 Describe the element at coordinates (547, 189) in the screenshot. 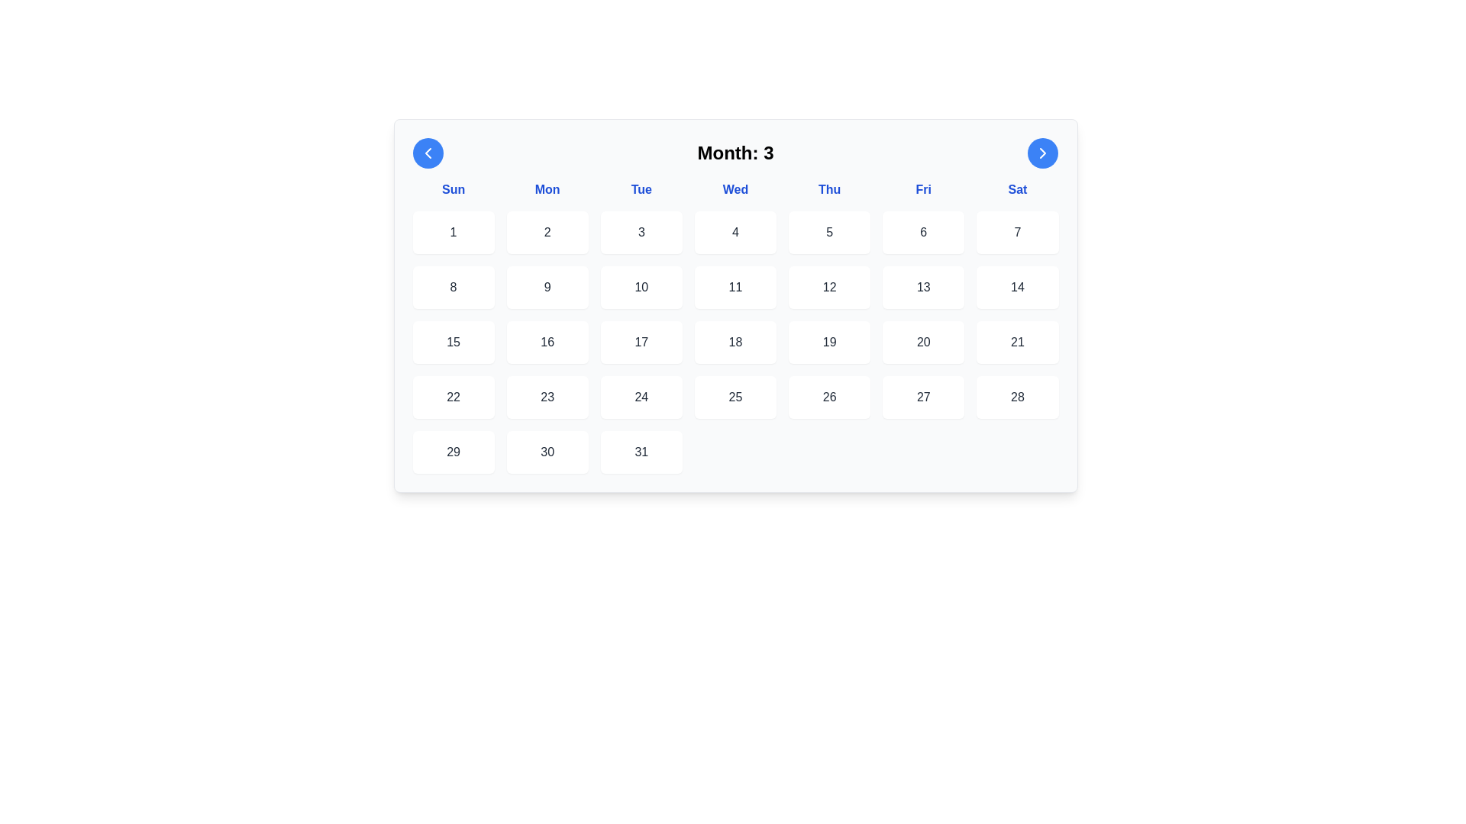

I see `the label representing 'Monday' in the weekly calendar layout, which is located between 'Sun' and 'Tue'` at that location.